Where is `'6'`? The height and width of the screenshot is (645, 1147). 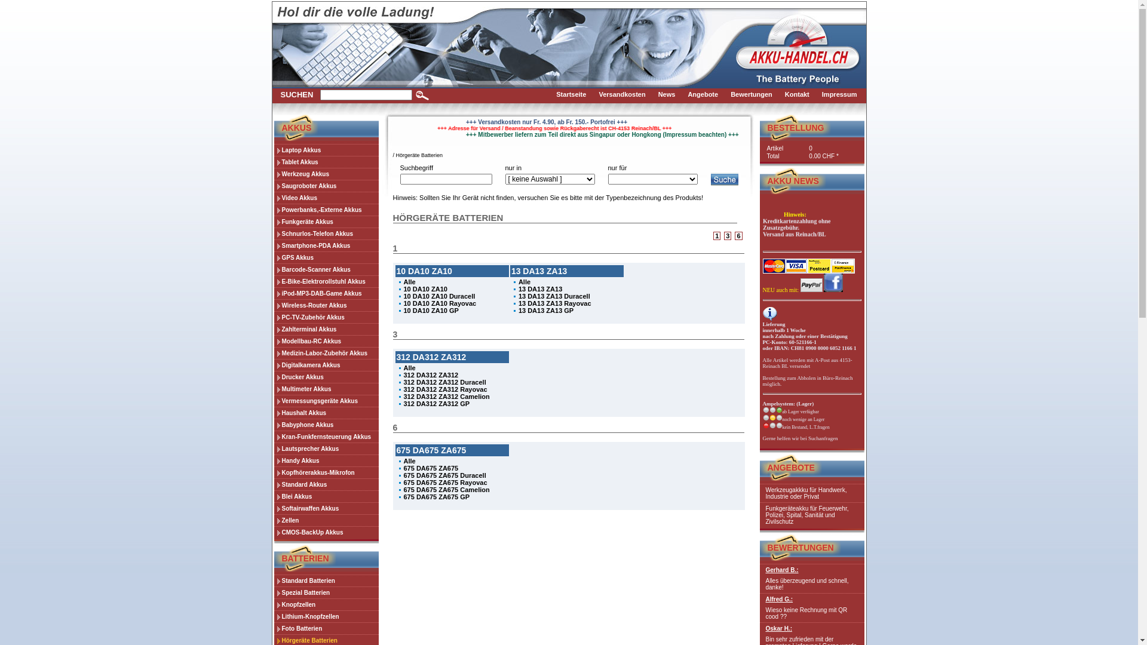 '6' is located at coordinates (738, 235).